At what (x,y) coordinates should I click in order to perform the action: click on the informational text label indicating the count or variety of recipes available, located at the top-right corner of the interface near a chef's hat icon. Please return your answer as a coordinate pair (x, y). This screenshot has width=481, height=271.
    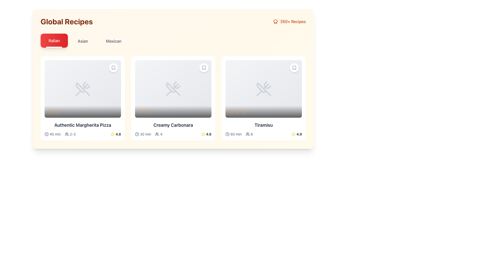
    Looking at the image, I should click on (293, 21).